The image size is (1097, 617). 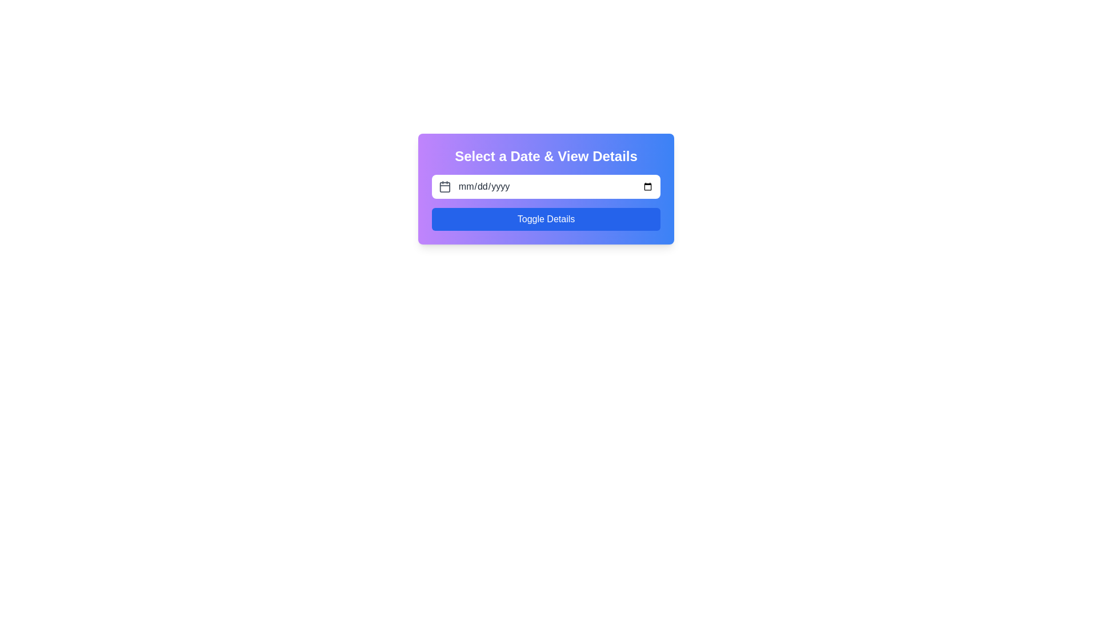 I want to click on the toggle button located below the horizontal date picker input field, so click(x=545, y=219).